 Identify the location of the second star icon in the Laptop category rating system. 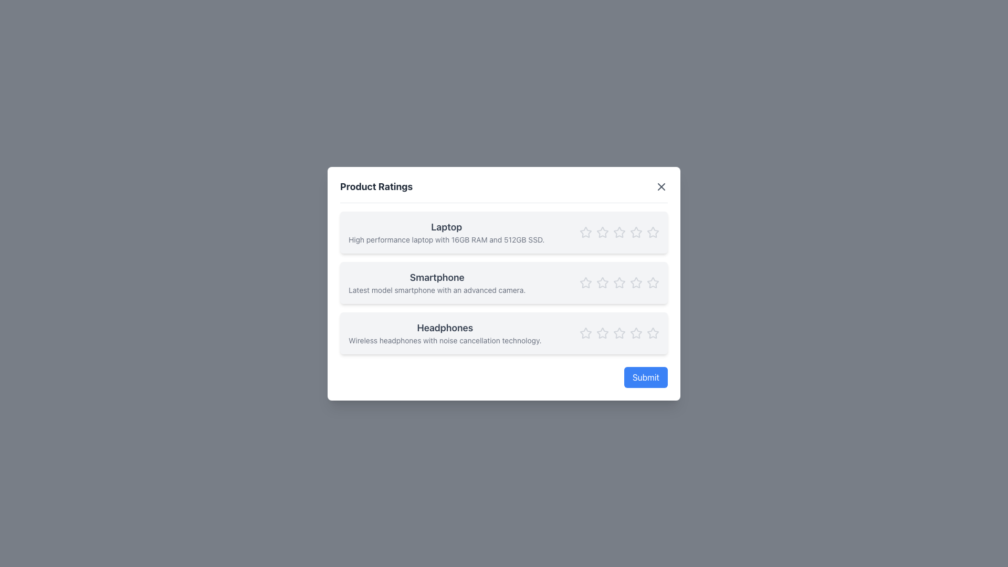
(602, 232).